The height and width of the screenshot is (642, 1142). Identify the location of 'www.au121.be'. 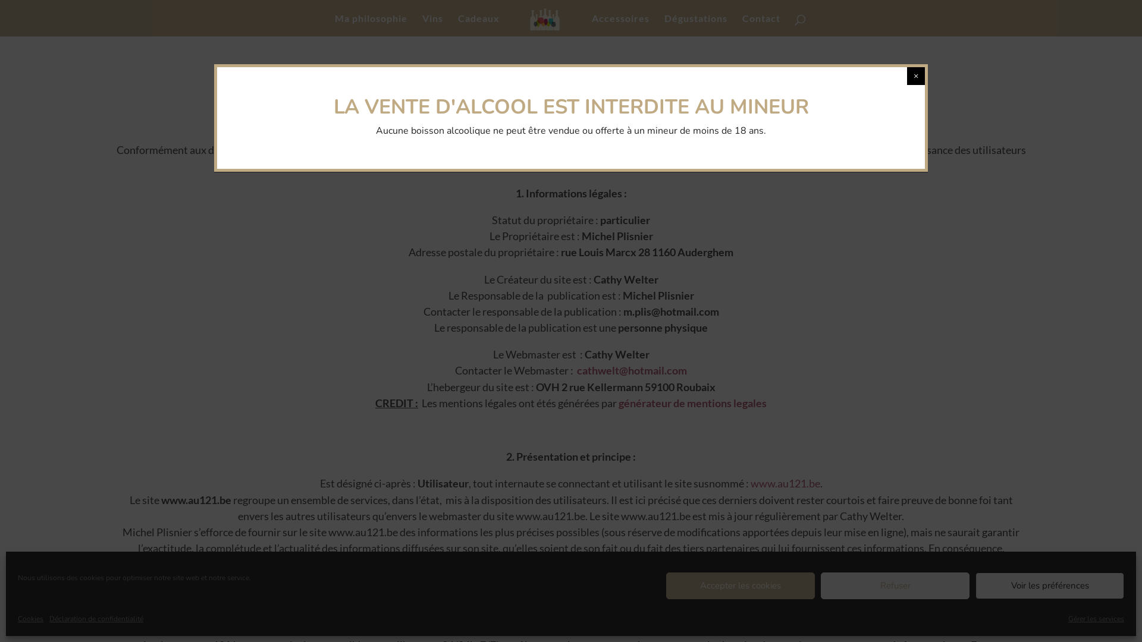
(785, 483).